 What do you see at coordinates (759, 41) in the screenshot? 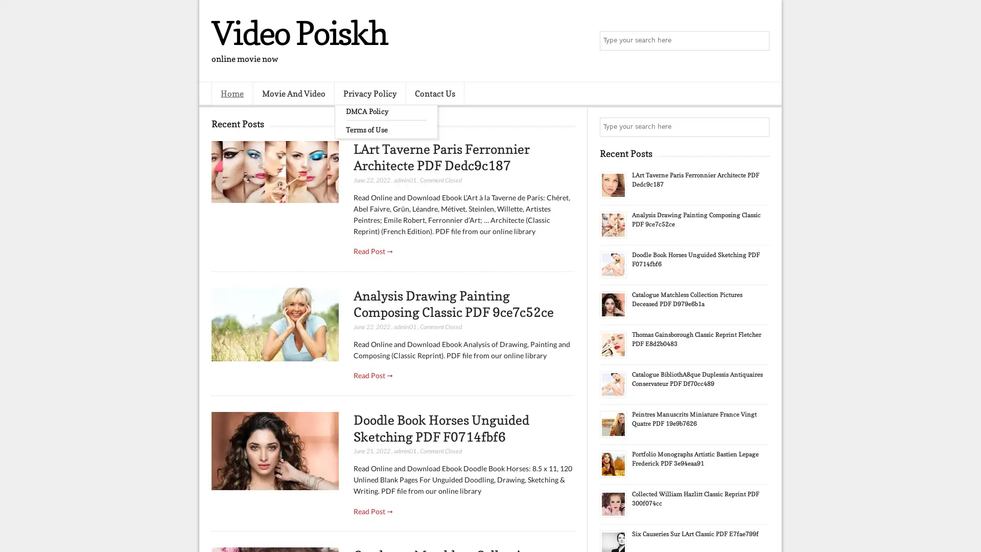
I see `Search` at bounding box center [759, 41].